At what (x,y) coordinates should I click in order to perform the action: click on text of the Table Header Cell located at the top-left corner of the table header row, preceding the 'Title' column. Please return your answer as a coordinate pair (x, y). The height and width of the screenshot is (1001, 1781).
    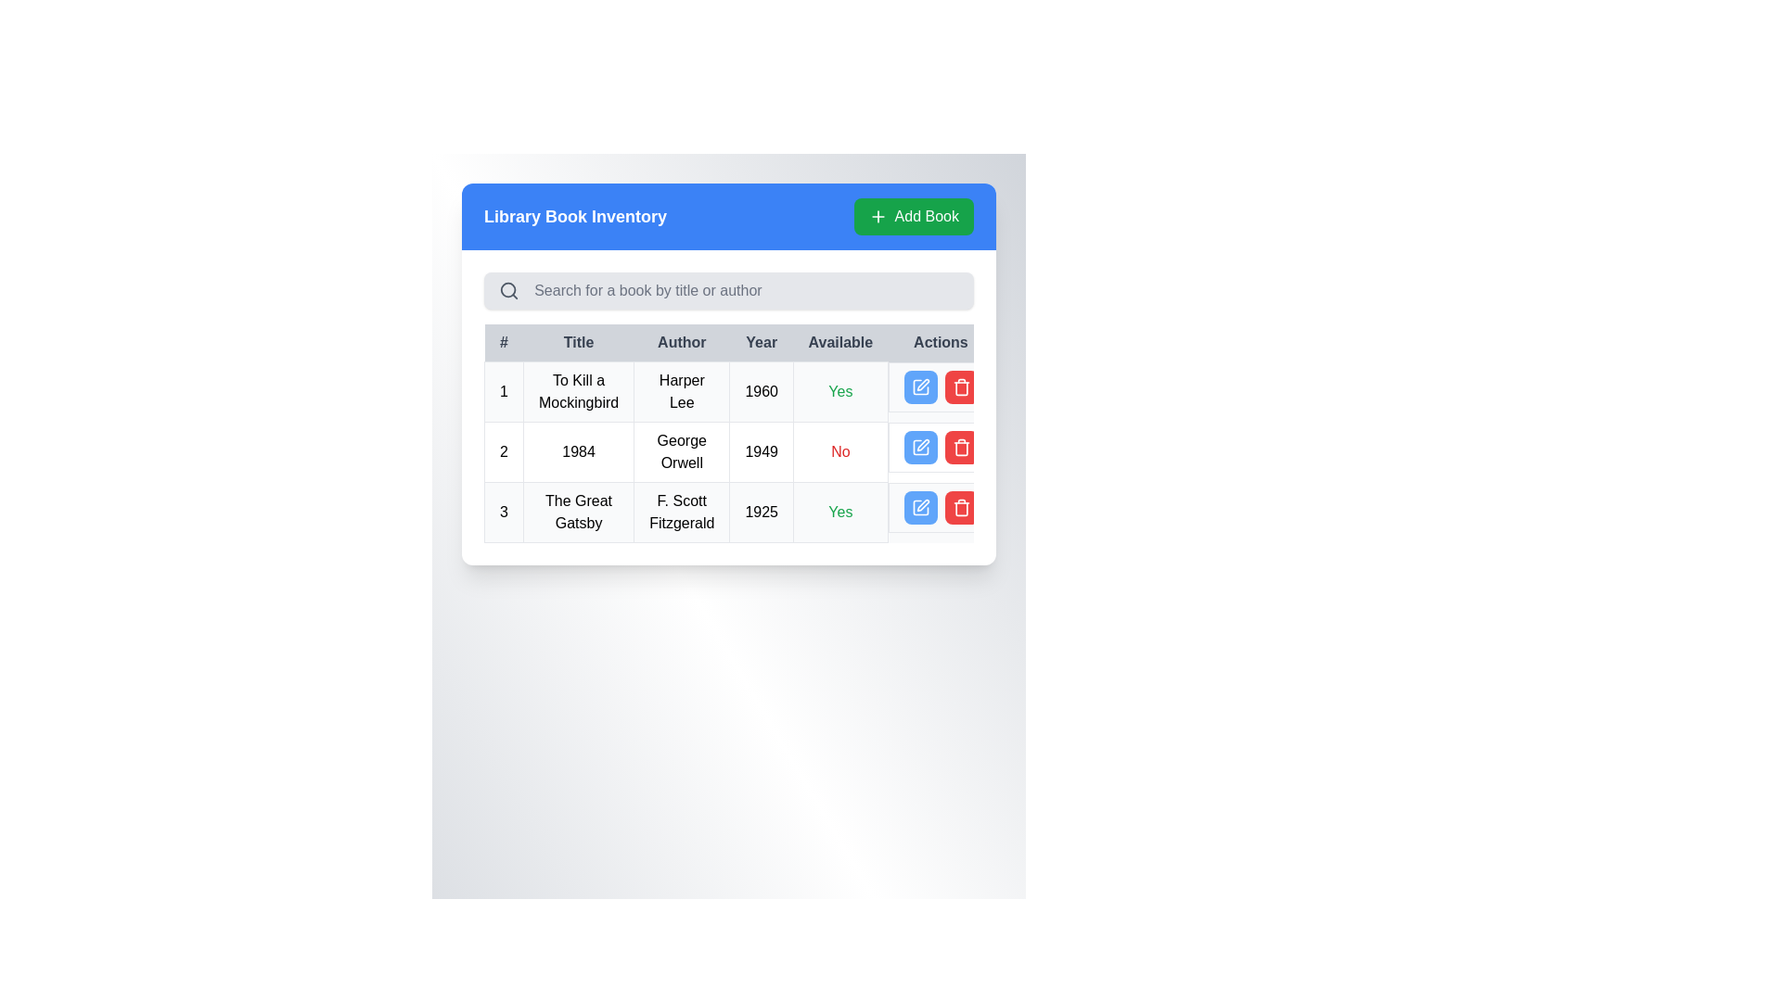
    Looking at the image, I should click on (504, 343).